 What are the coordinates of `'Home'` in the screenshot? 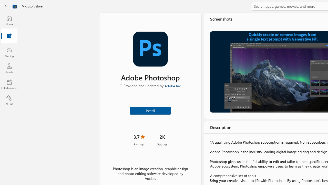 It's located at (9, 20).